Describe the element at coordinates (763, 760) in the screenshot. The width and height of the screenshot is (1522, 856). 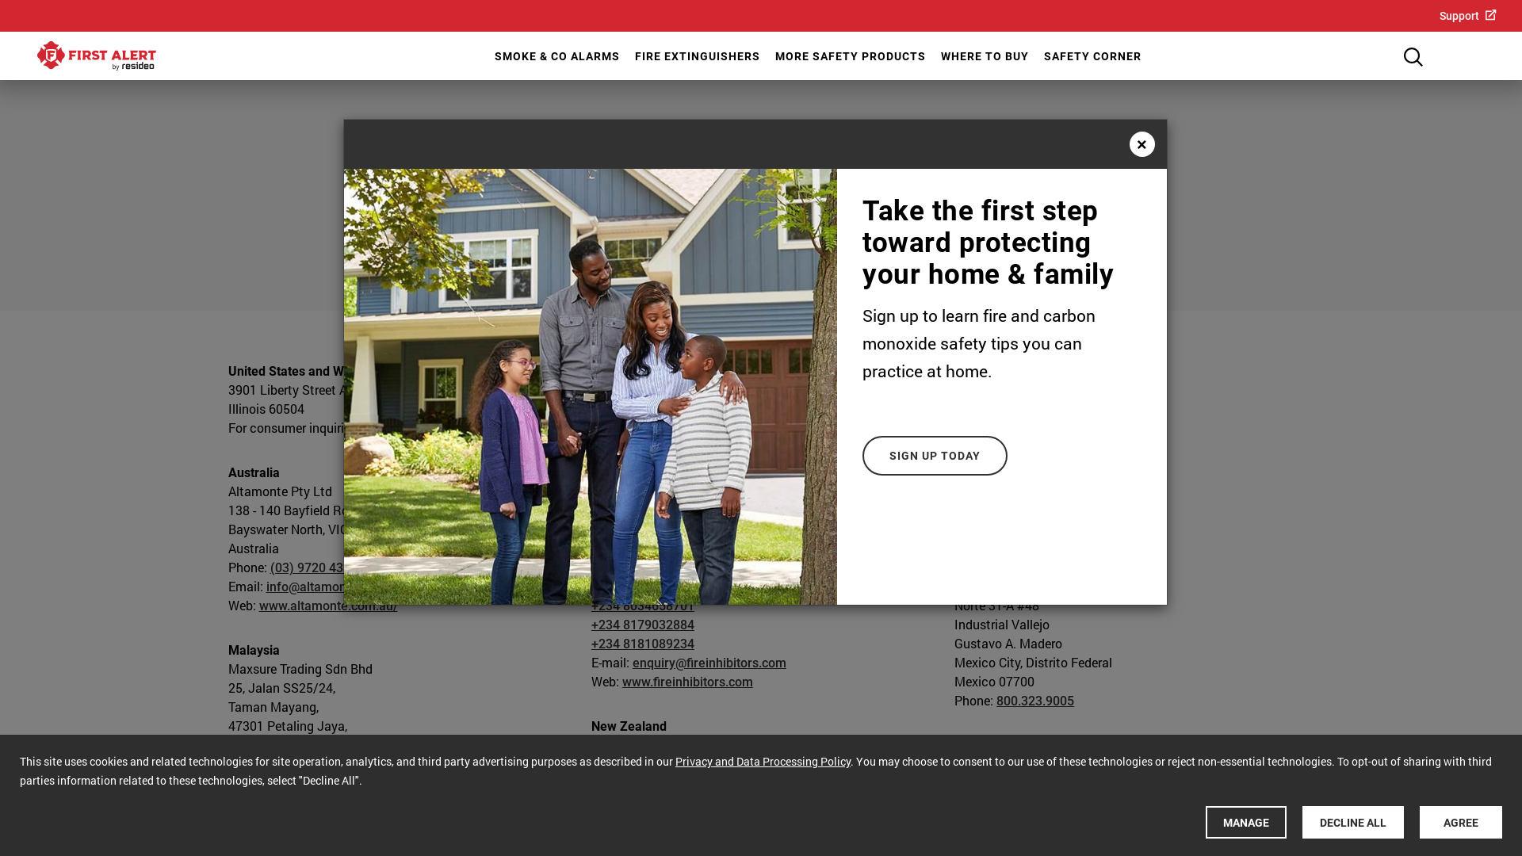
I see `'Privacy and Data Processing Policy'` at that location.